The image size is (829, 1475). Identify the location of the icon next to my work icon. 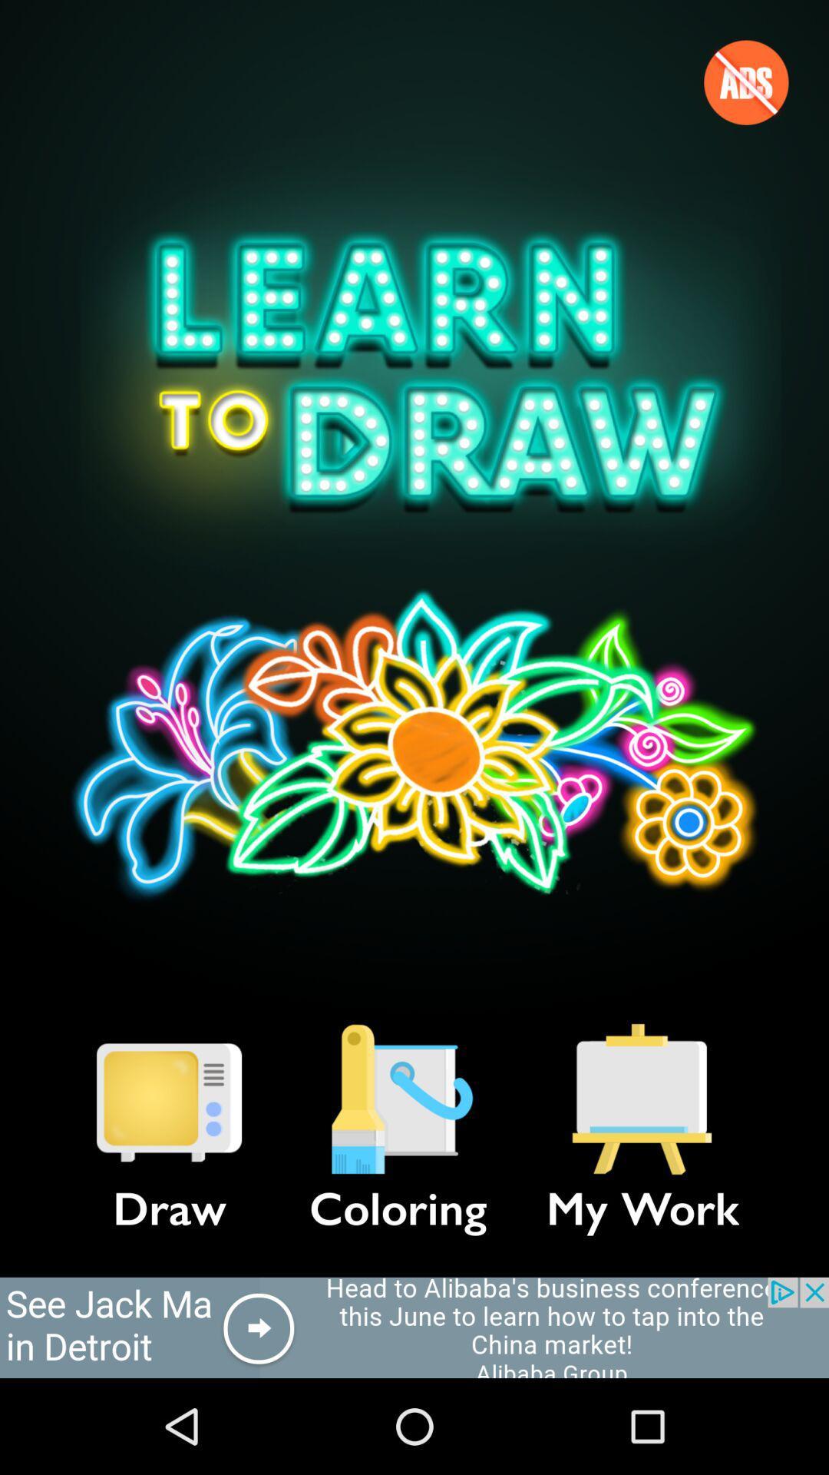
(398, 1099).